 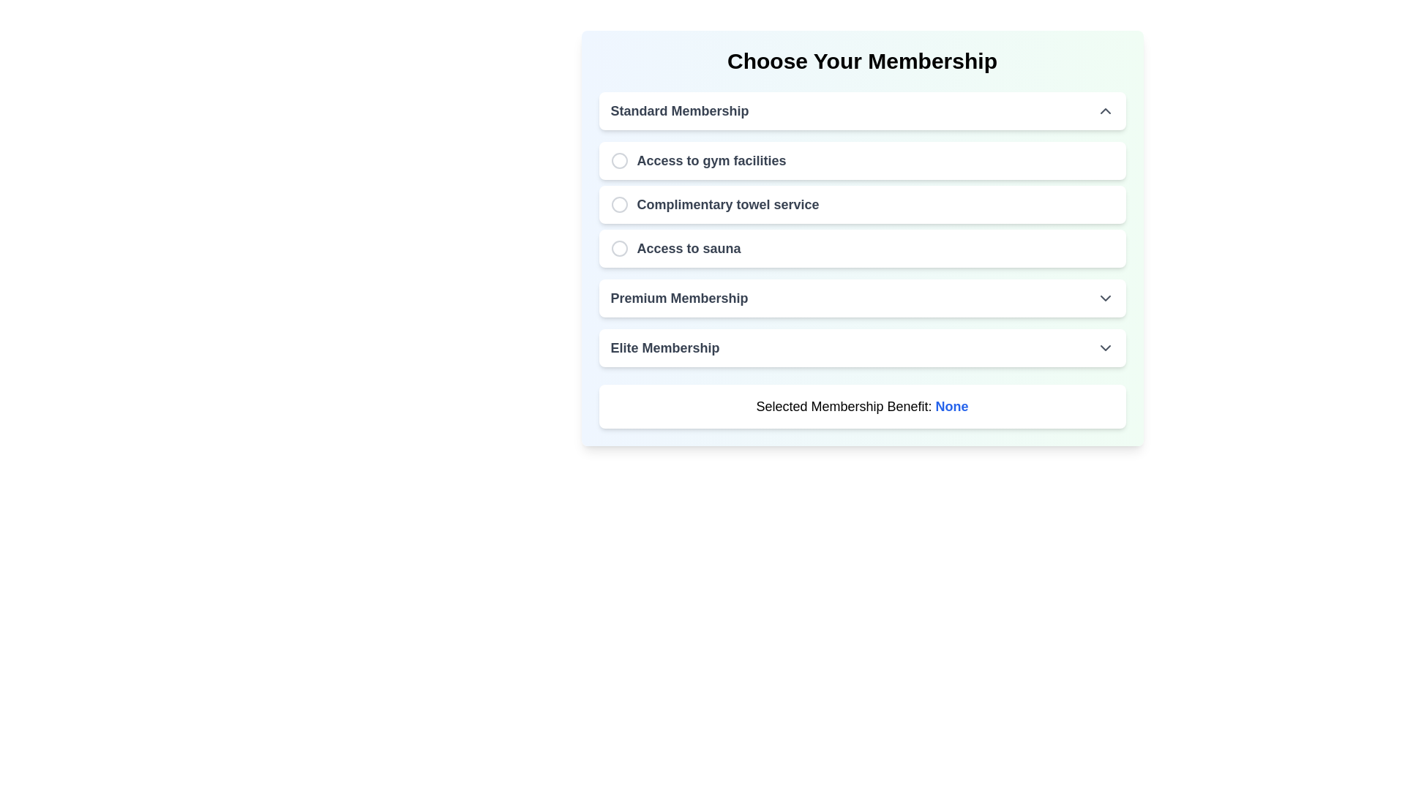 I want to click on text label indicating the 'Complimentary towel service' benefit, which is the second option in the list of membership benefits under 'Standard Membership.', so click(x=728, y=205).